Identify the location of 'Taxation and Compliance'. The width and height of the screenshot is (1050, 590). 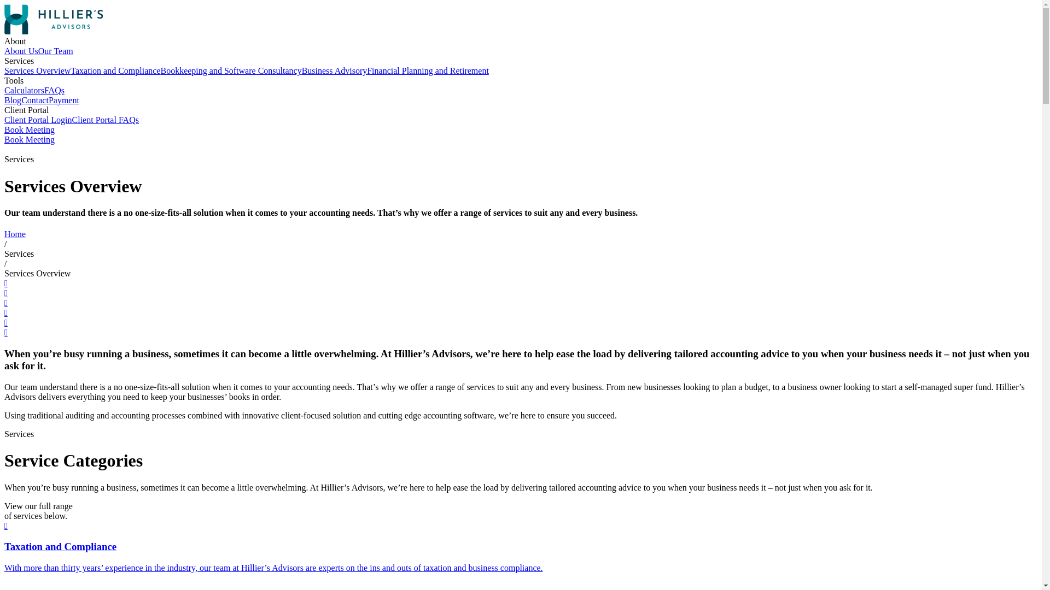
(115, 70).